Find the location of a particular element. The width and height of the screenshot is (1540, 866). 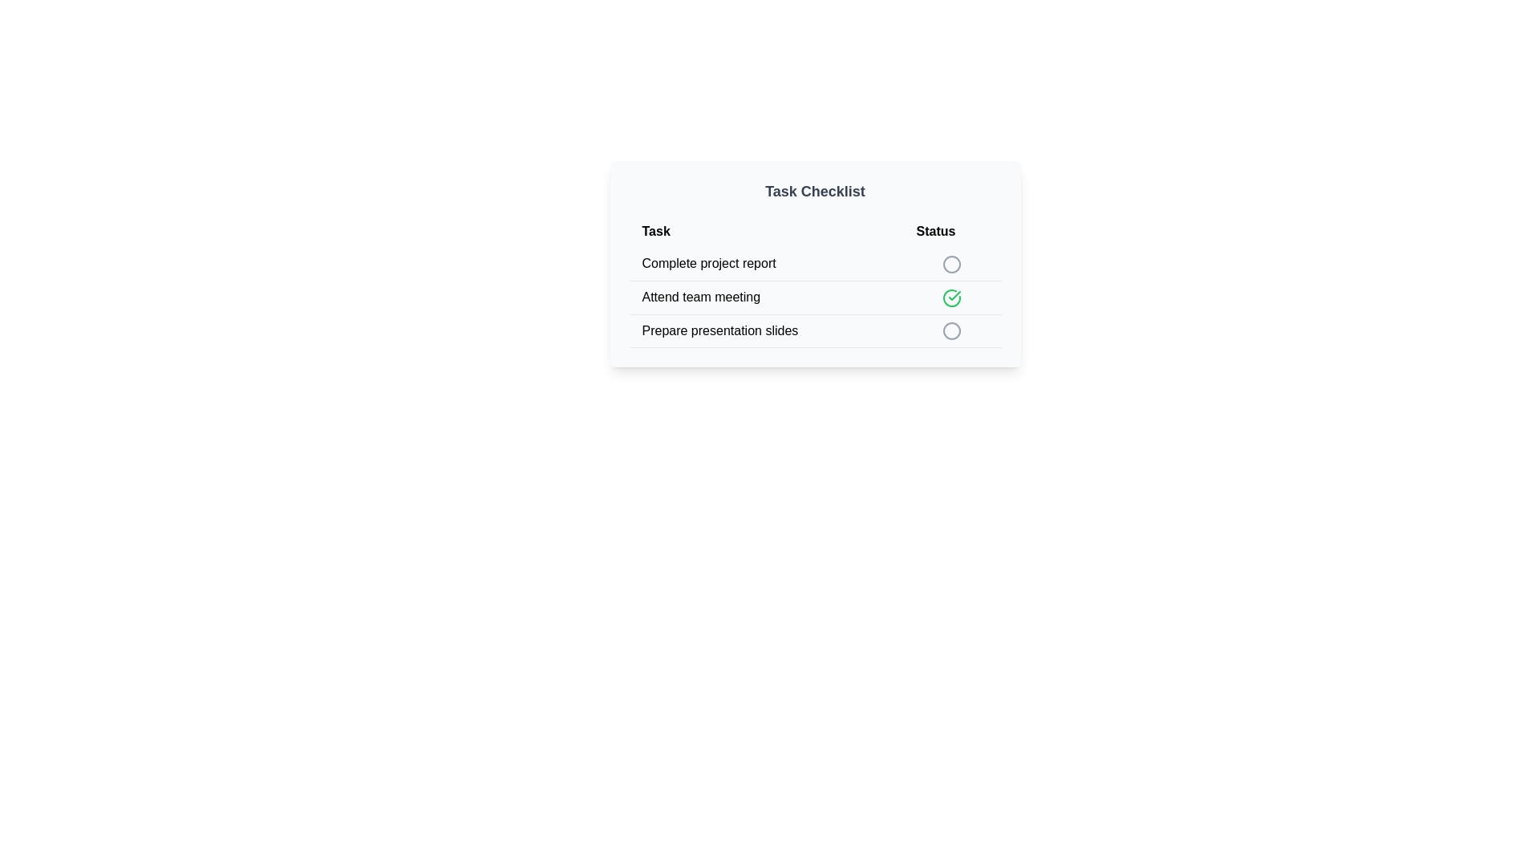

the visual status indicator representing the incomplete or pending status for the 'Complete project report' task, located in the 'Status' column of the checklist interface is located at coordinates (952, 263).